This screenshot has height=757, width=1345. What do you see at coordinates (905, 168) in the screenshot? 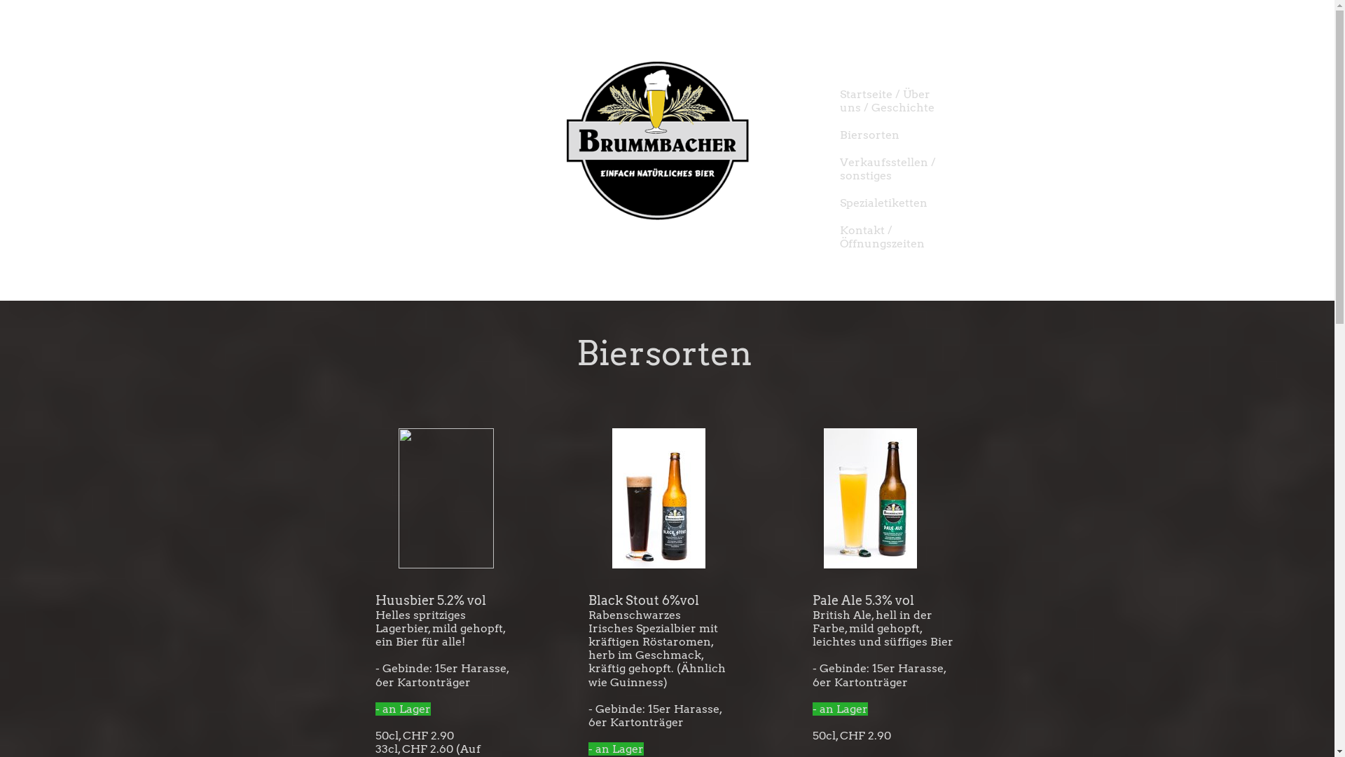
I see `'Verkaufsstellen / sonstiges'` at bounding box center [905, 168].